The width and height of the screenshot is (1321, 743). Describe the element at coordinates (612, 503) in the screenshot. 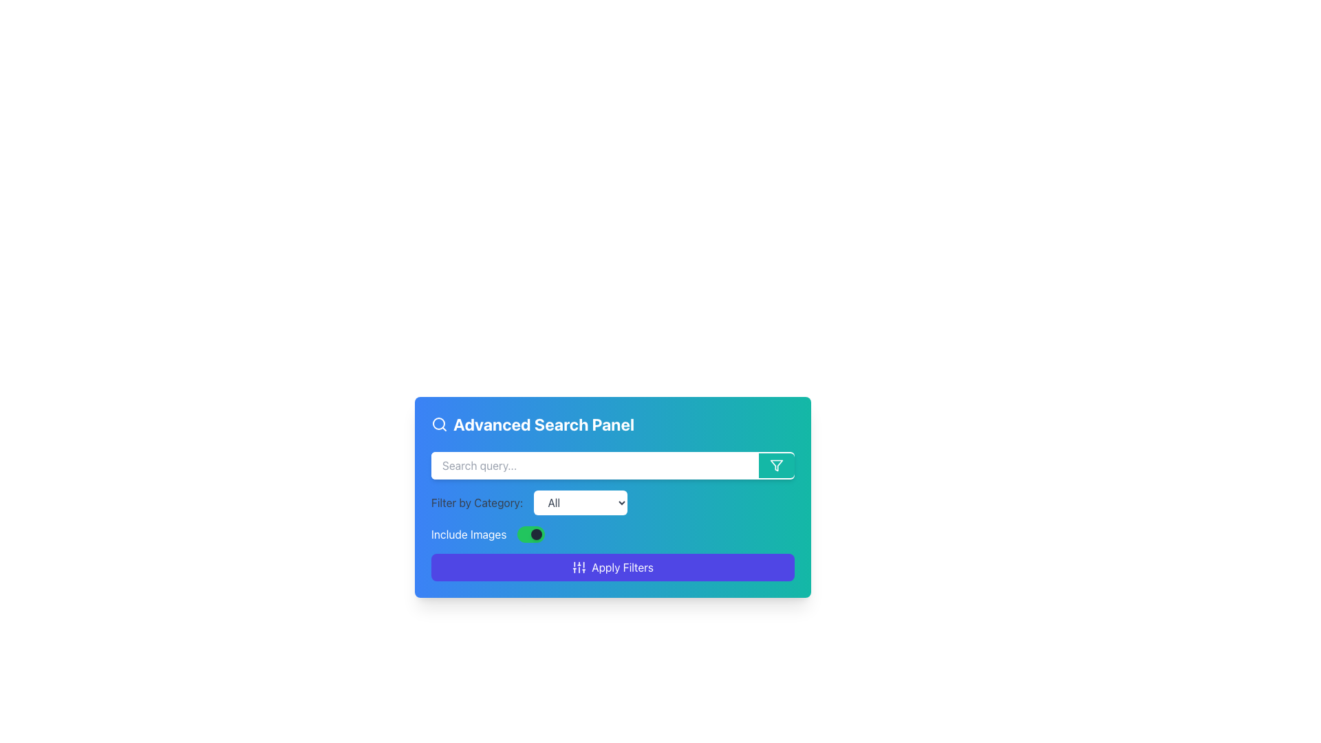

I see `the dropdown menu labeled 'Filter by Category:'` at that location.